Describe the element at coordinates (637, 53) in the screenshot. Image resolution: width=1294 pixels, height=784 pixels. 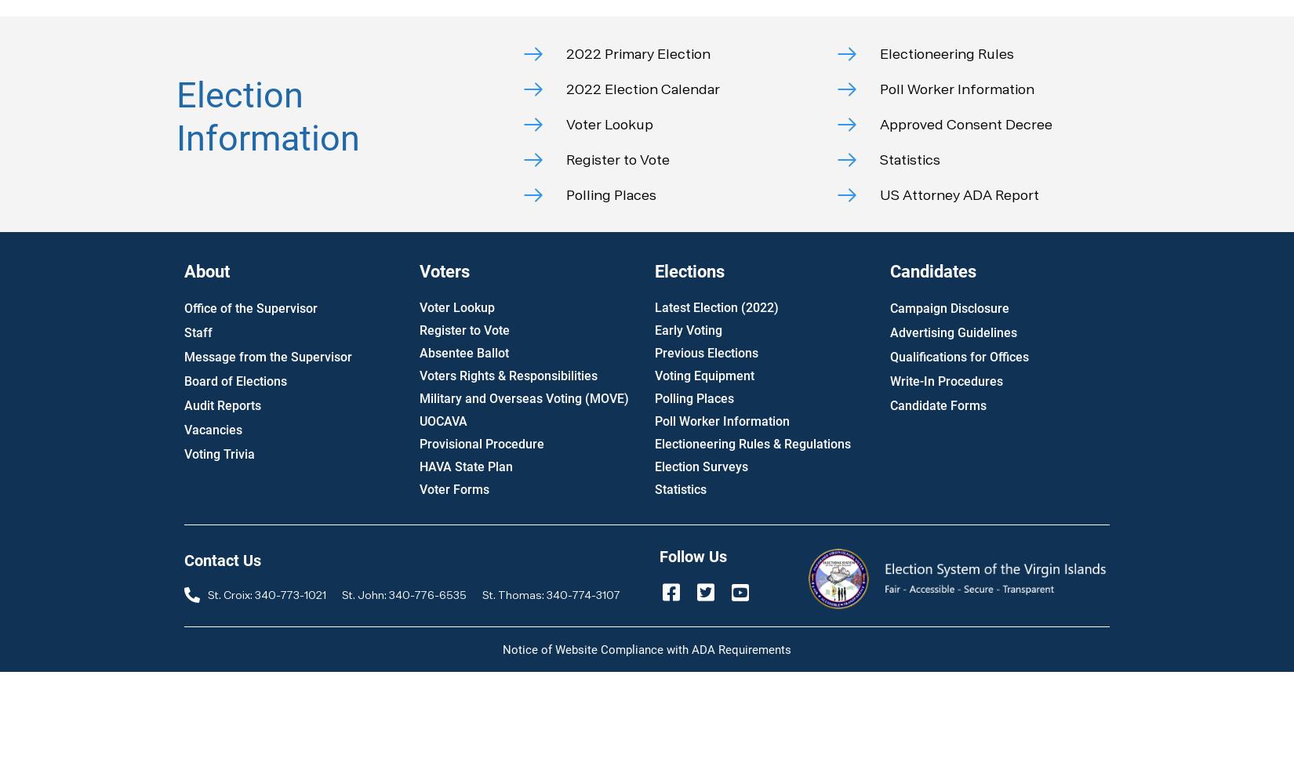
I see `'2022 Primary Election'` at that location.